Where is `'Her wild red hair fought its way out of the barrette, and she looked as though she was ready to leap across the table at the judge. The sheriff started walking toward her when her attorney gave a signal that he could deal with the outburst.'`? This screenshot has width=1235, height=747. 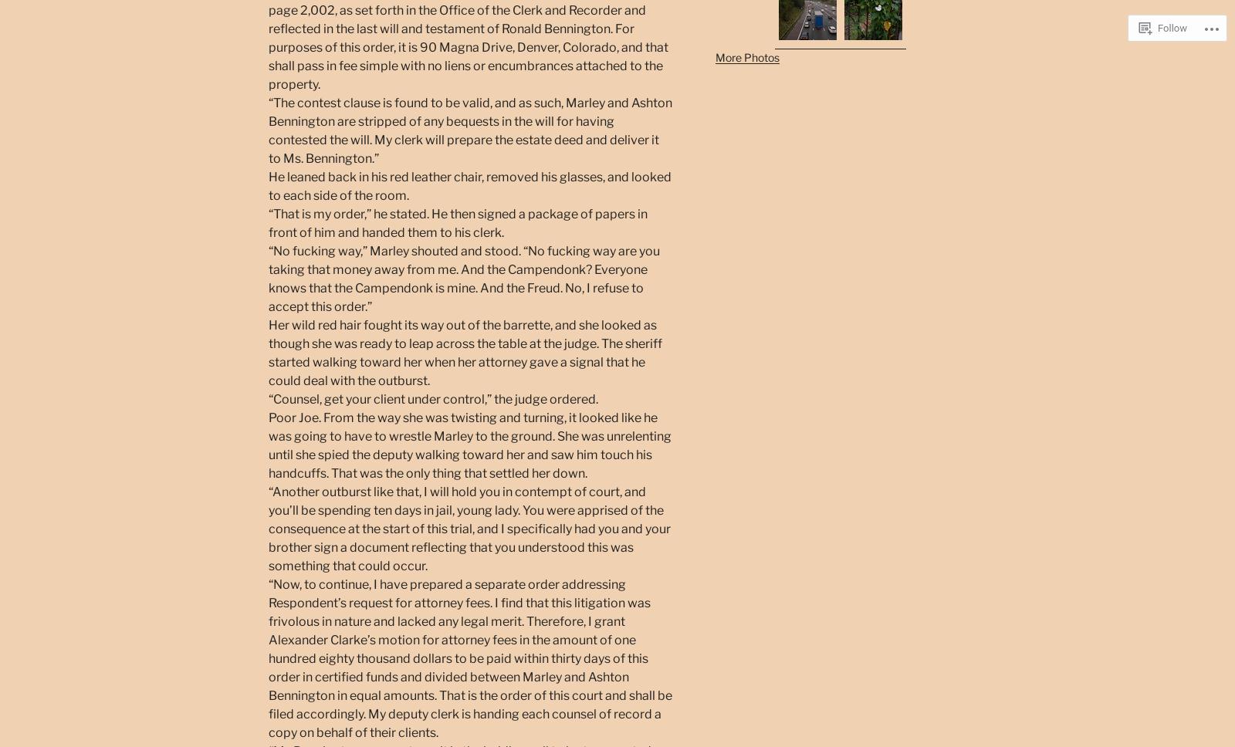
'Her wild red hair fought its way out of the barrette, and she looked as though she was ready to leap across the table at the judge. The sheriff started walking toward her when her attorney gave a signal that he could deal with the outburst.' is located at coordinates (465, 351).